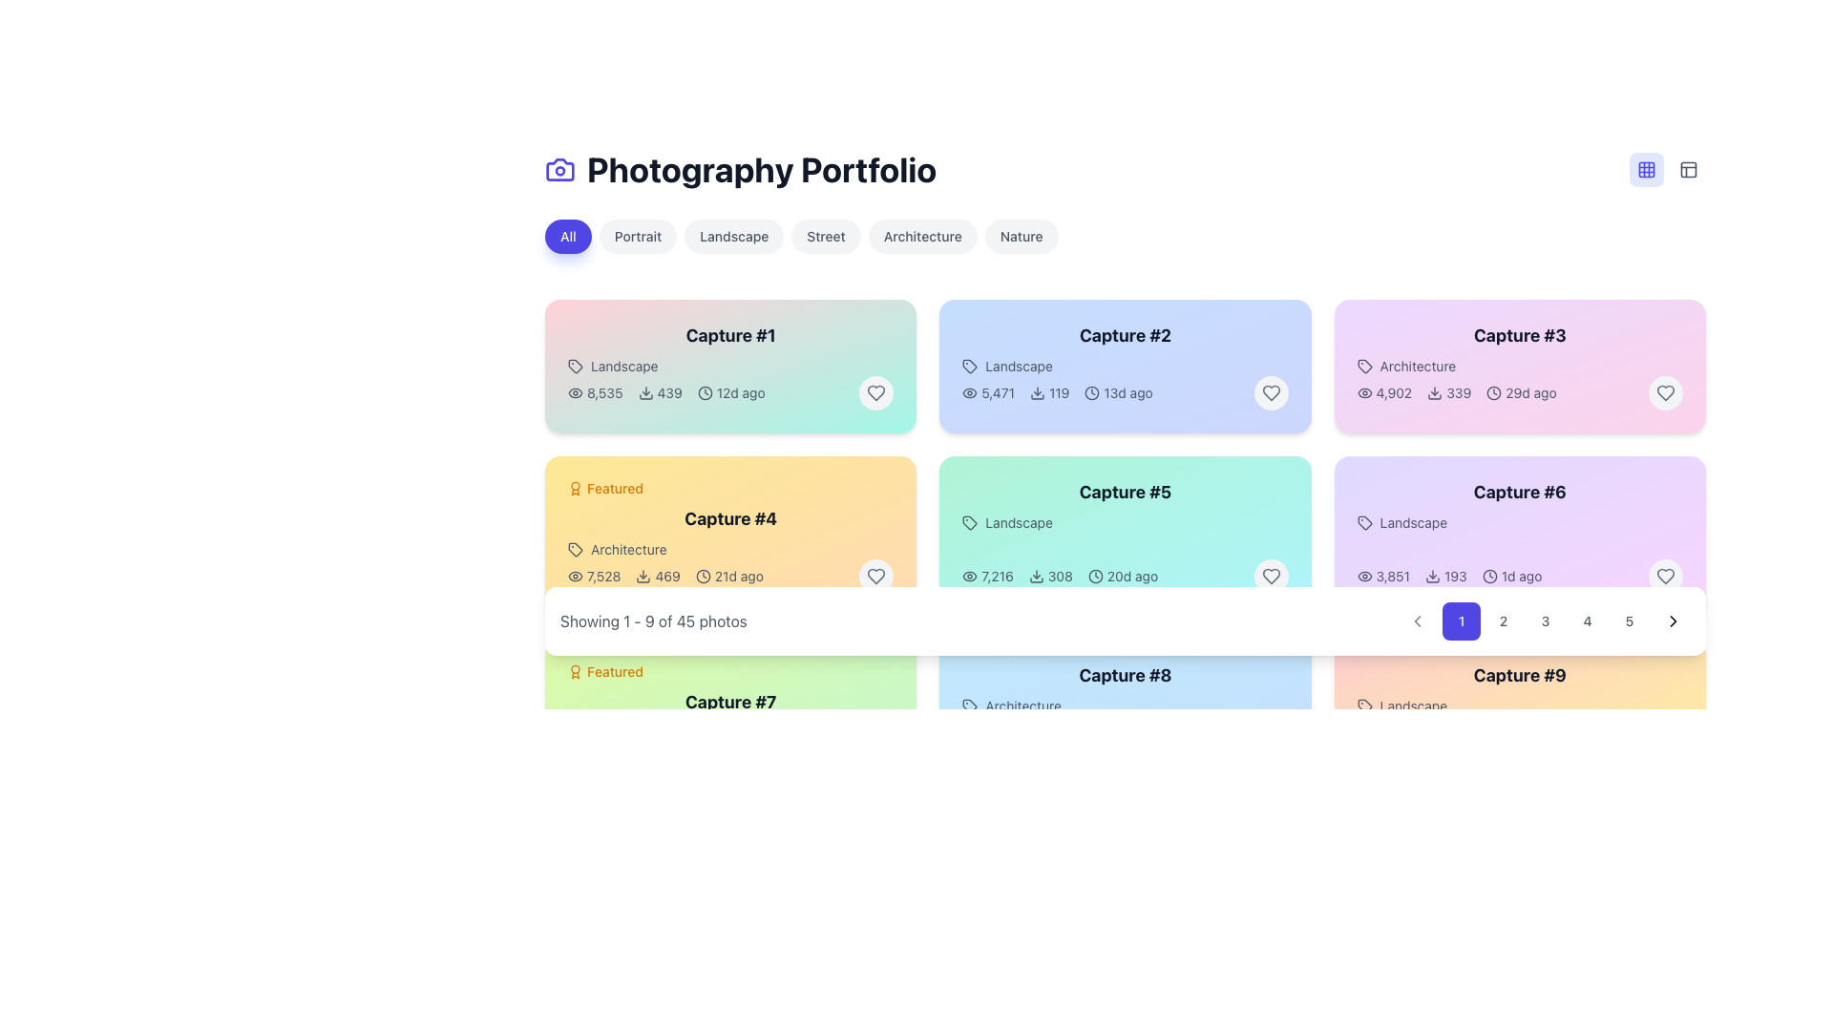 This screenshot has height=1031, width=1833. Describe the element at coordinates (1092, 392) in the screenshot. I see `the circular graphic that forms the perimeter of the clock icon within the blue card labeled 'Capture #2'` at that location.